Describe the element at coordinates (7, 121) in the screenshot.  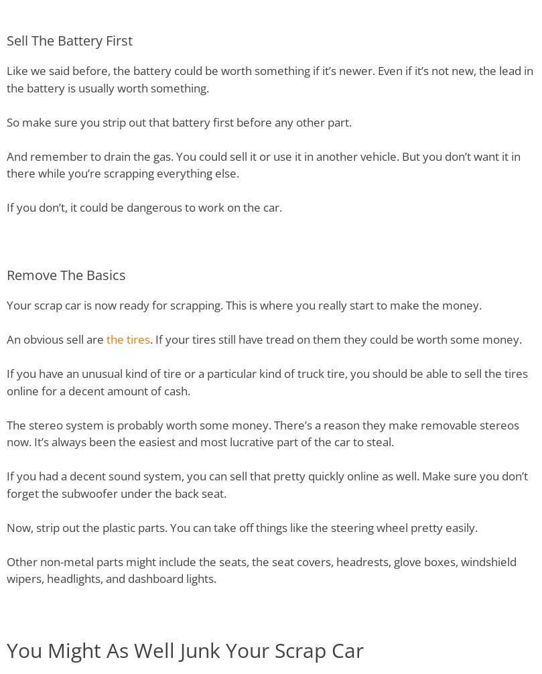
I see `'So make sure you strip out that battery first before any other part.'` at that location.